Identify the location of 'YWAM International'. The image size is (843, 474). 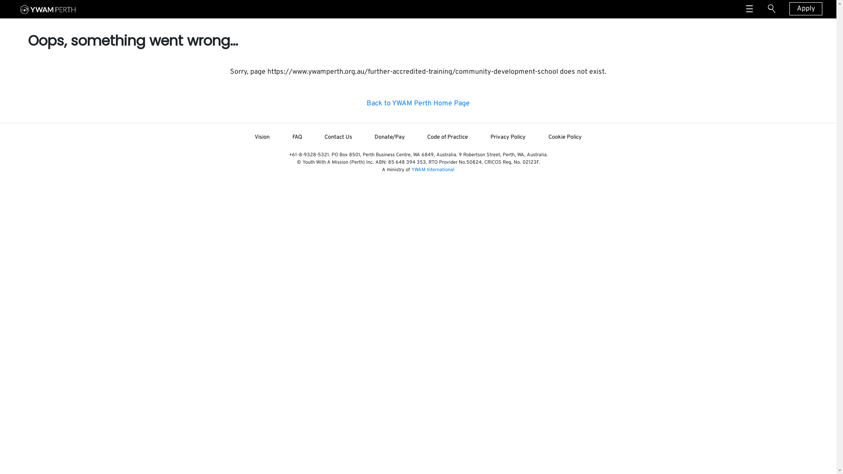
(432, 169).